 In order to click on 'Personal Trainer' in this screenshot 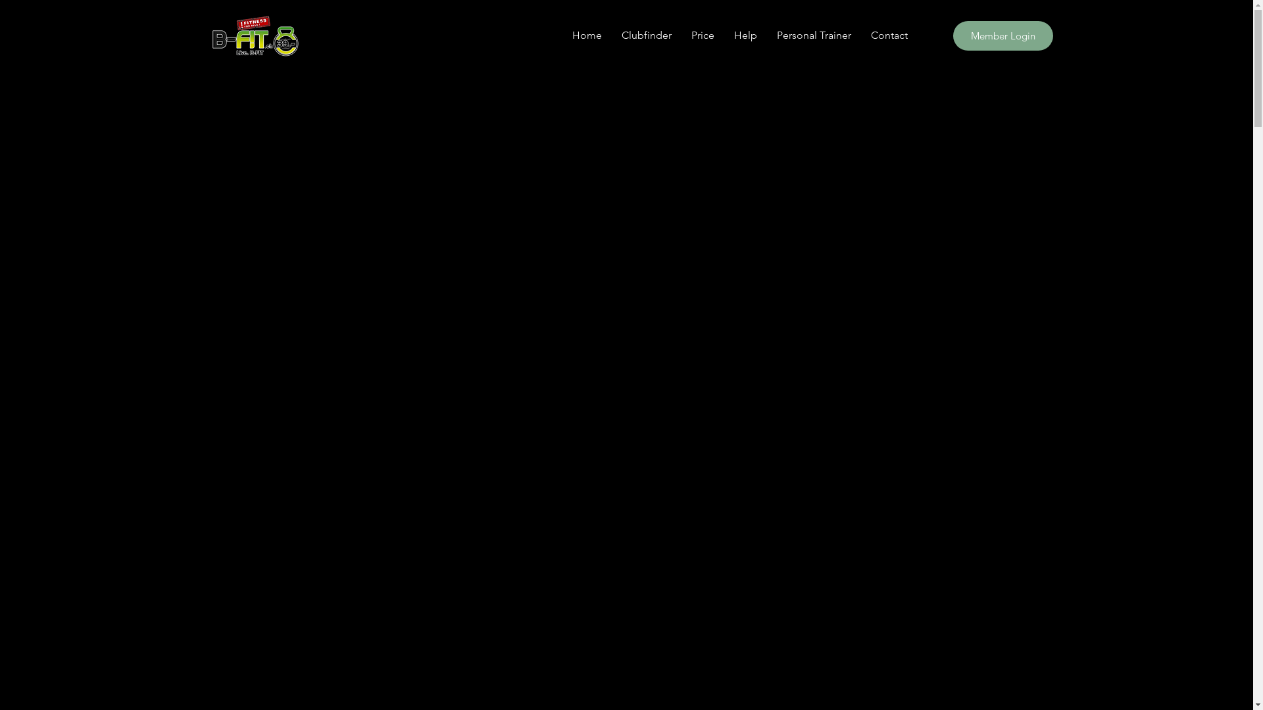, I will do `click(813, 35)`.